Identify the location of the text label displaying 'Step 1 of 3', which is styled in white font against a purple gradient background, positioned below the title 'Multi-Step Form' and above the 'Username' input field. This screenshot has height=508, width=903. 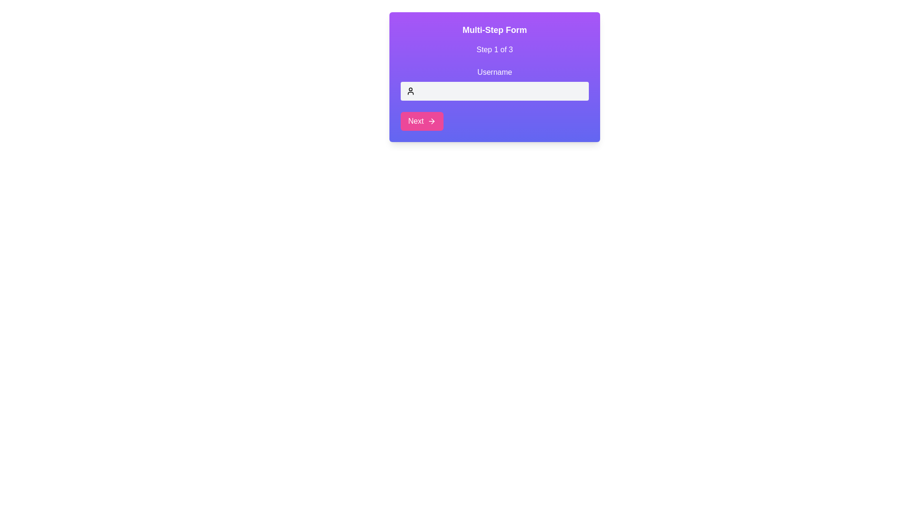
(494, 49).